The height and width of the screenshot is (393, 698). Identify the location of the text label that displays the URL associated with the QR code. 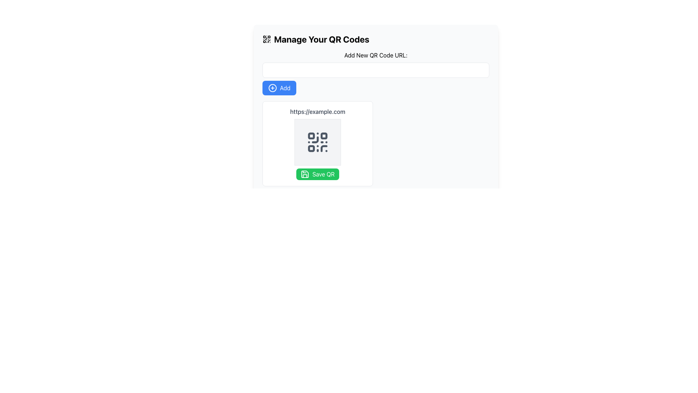
(317, 112).